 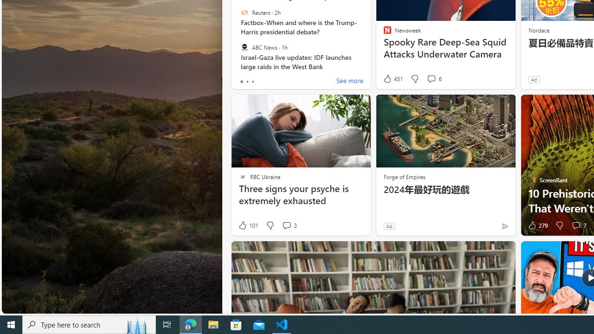 I want to click on 'Forge of Empires', so click(x=404, y=176).